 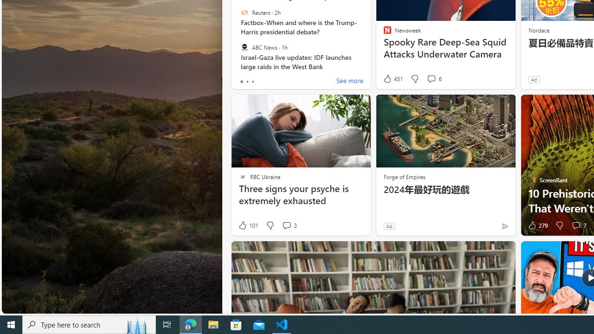 I want to click on 'Forge of Empires', so click(x=404, y=176).